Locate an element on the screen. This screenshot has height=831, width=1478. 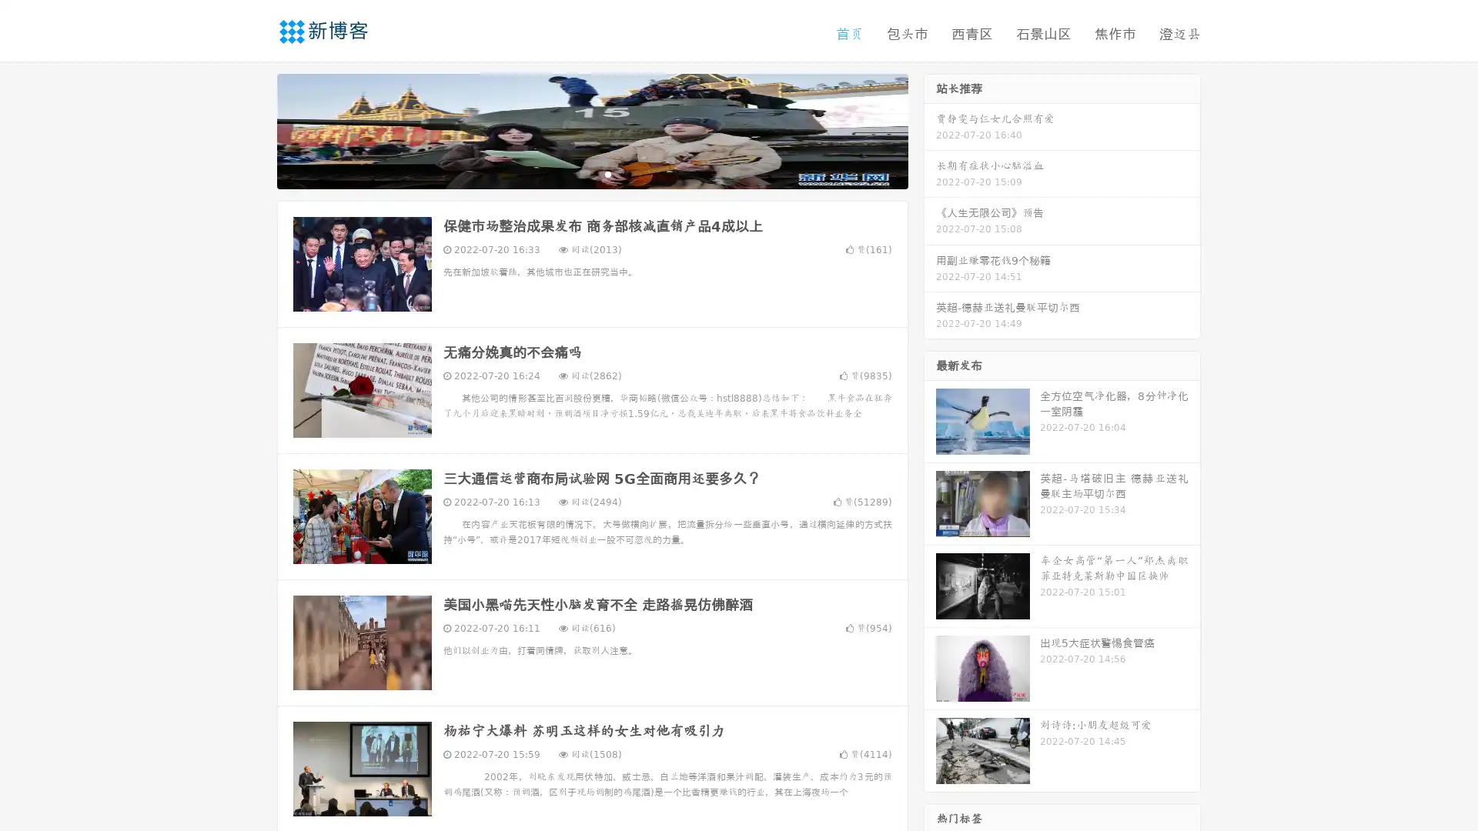
Go to slide 3 is located at coordinates (607, 173).